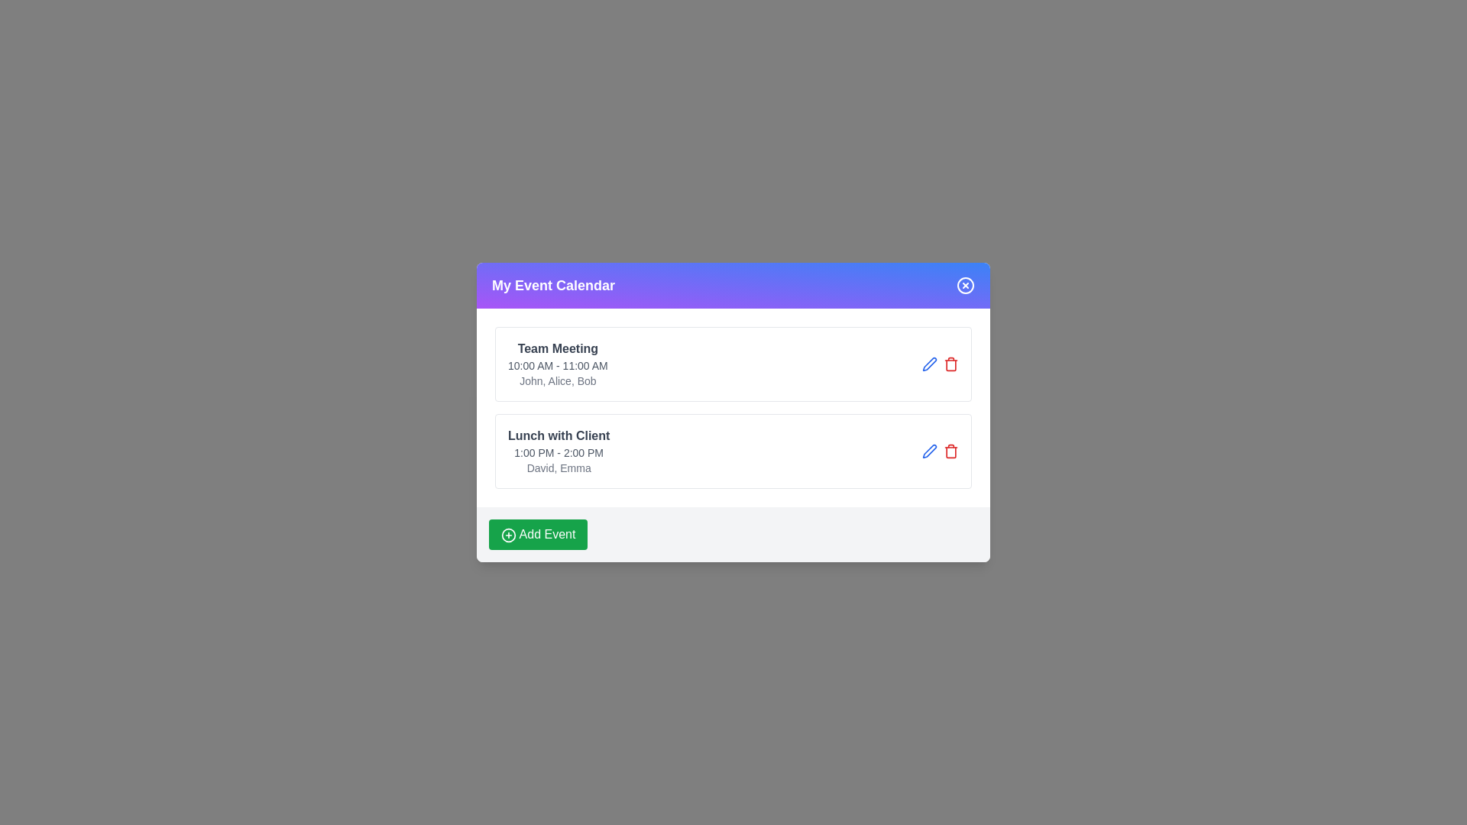 This screenshot has height=825, width=1467. Describe the element at coordinates (557, 380) in the screenshot. I see `the static text label that lists participants for the related meeting, located below the '10:00 AM - 11:00 AM' text in the 'Team Meeting' section of the calendar interface` at that location.